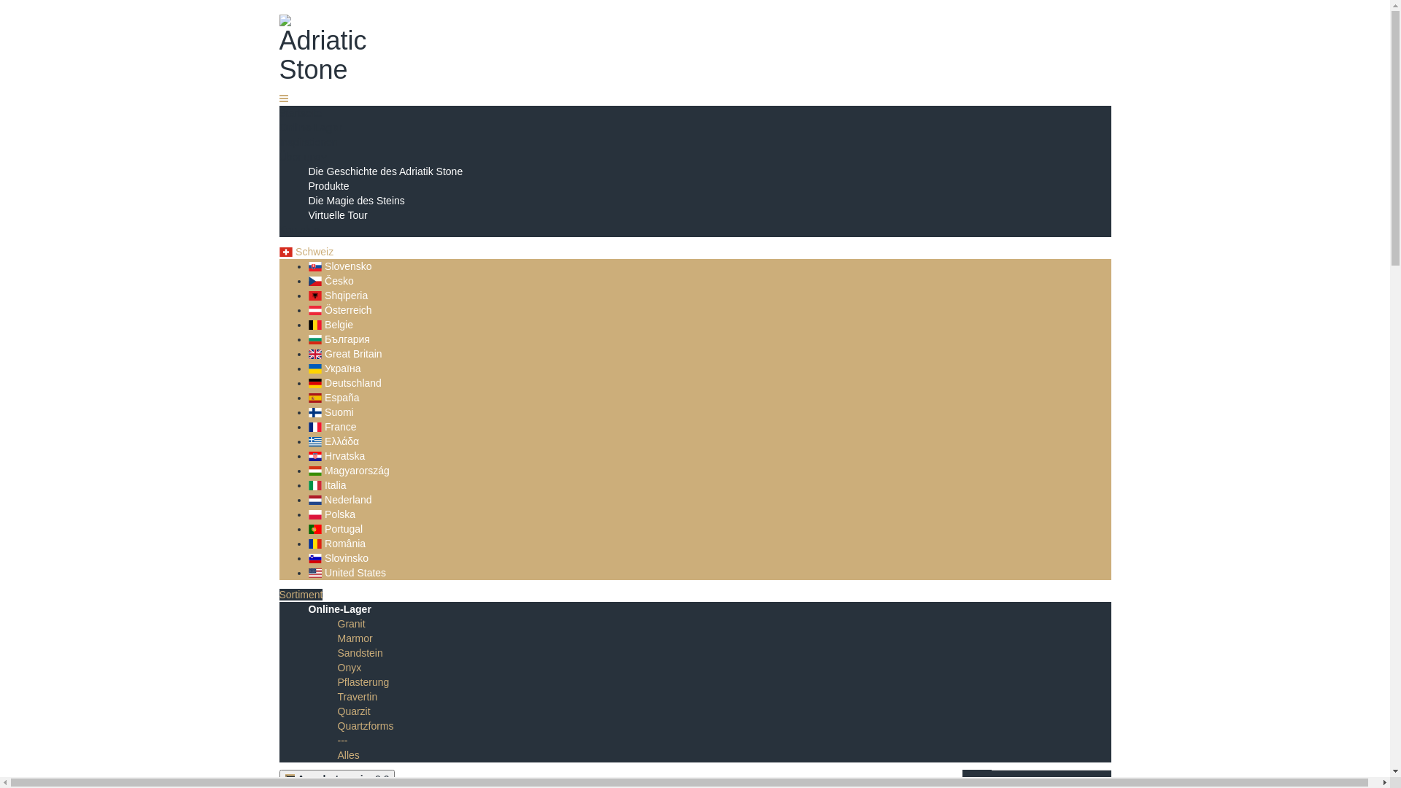  I want to click on 'Onyx', so click(336, 667).